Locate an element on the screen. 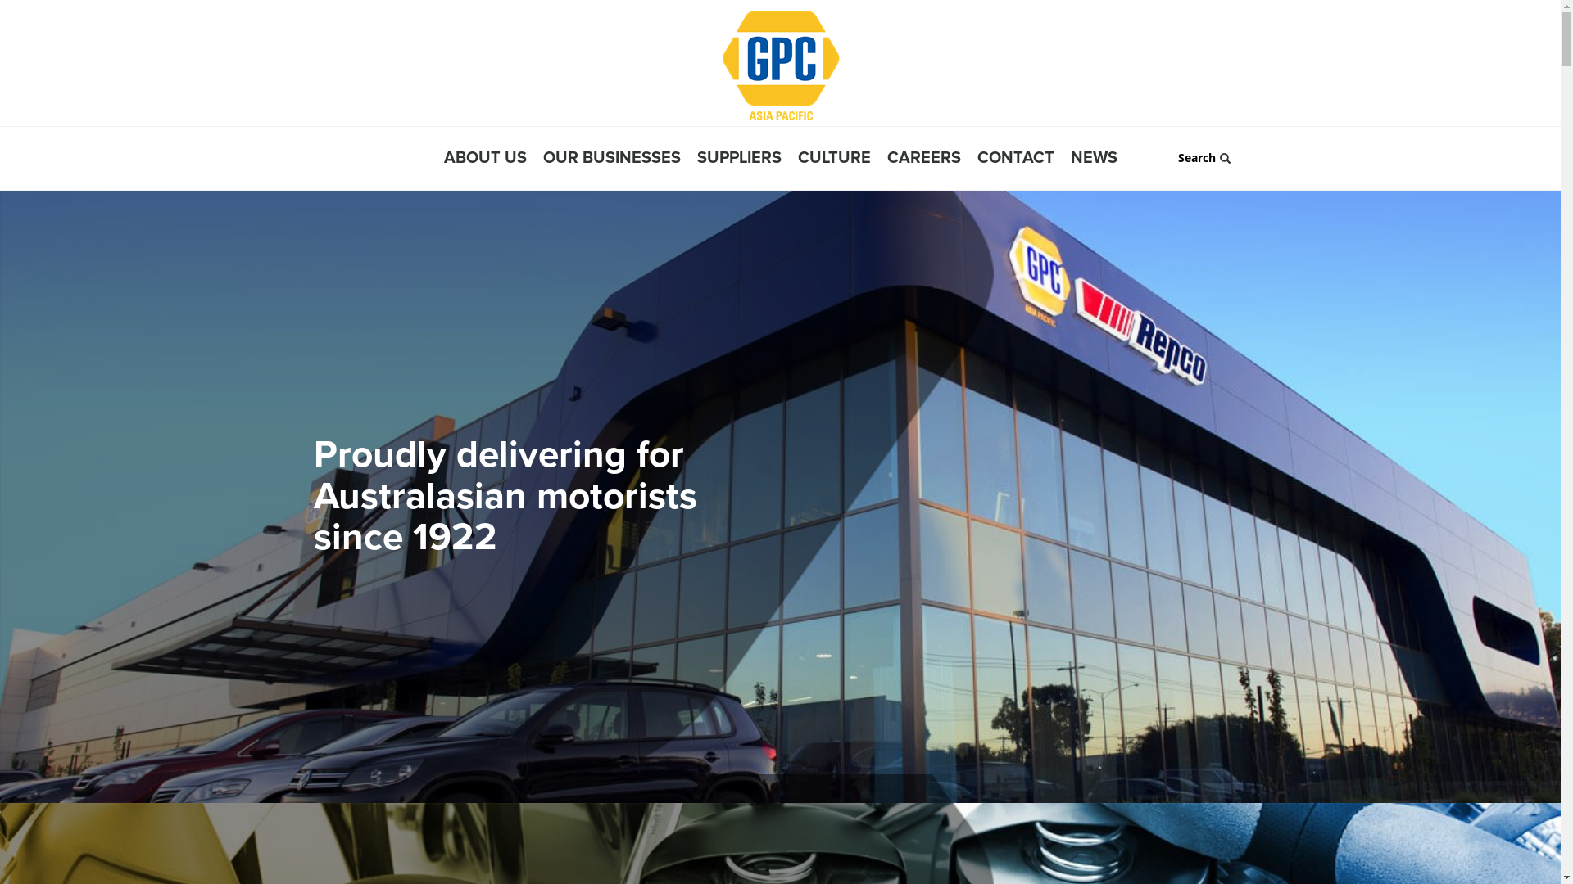 The height and width of the screenshot is (884, 1573). 'CAREERS' is located at coordinates (932, 160).